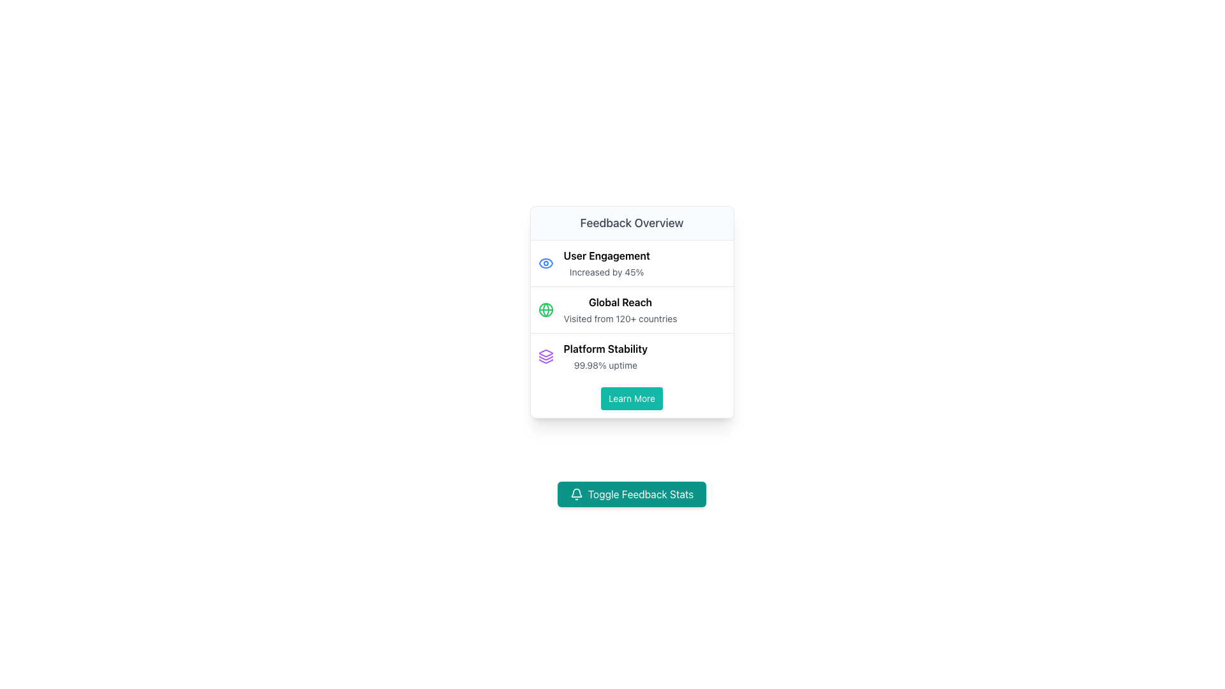 The width and height of the screenshot is (1225, 689). Describe the element at coordinates (605, 357) in the screenshot. I see `the 'Platform Stability' textual information block, which displays '99.98% uptime' below the main header. This element is the third item in a vertically stacked list within the 'Feedback Overview' card, located between 'Global Reach' and the 'Learn More' button` at that location.